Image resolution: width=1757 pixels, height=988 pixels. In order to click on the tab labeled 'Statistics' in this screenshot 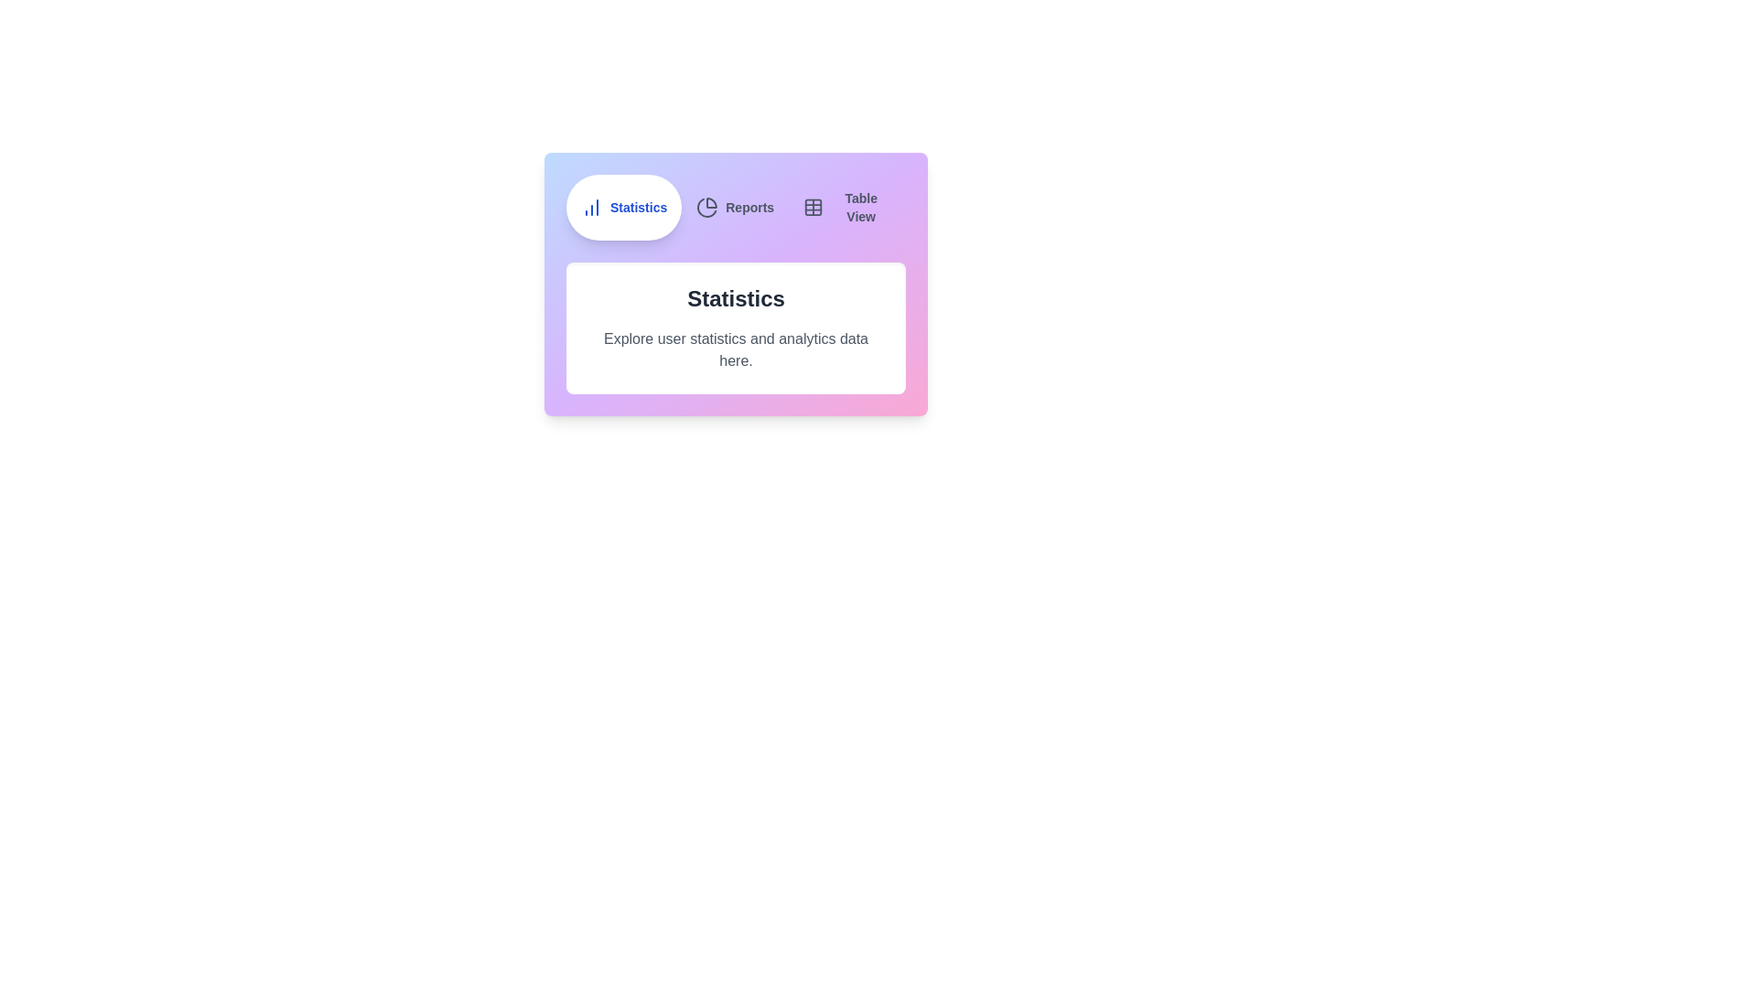, I will do `click(624, 207)`.